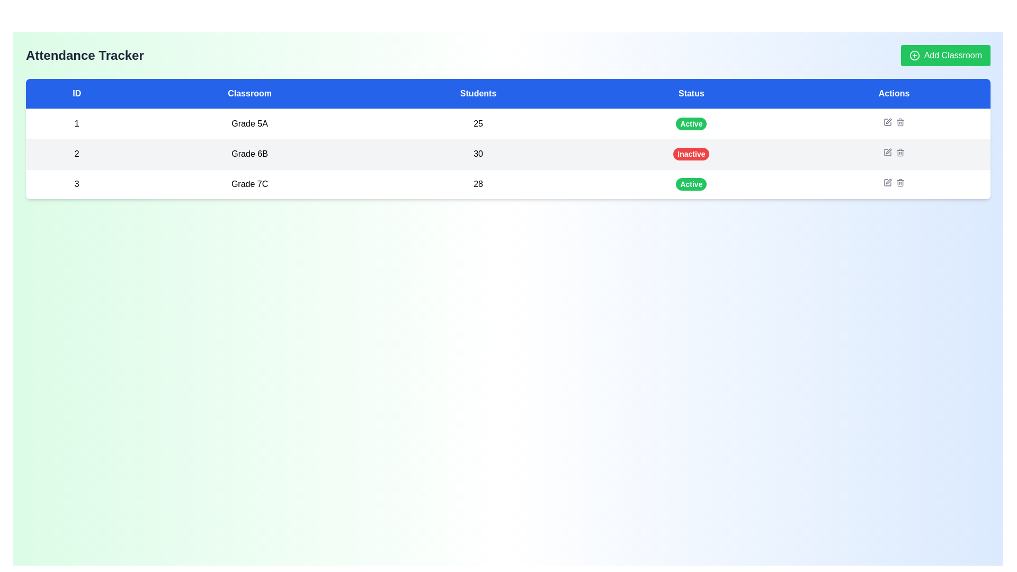  What do you see at coordinates (85, 55) in the screenshot?
I see `the prominent static text label displaying 'Attendance Tracker' located in the upper-left area of the interface` at bounding box center [85, 55].